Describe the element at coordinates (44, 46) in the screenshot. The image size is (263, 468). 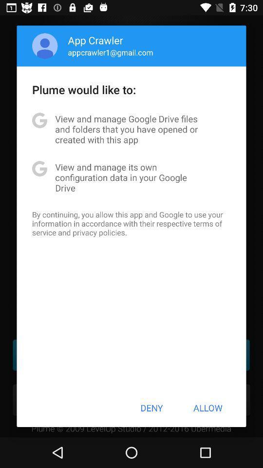
I see `the app above plume would like` at that location.